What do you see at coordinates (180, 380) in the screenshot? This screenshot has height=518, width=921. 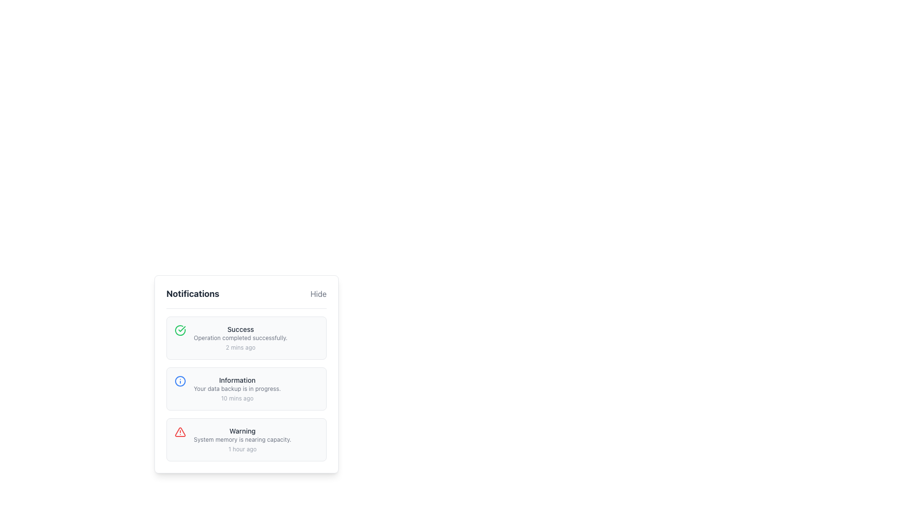 I see `the 'information' icon, which is a blue circular outline with an 'i' inside, located at the beginning of the second notification card for information about data backup` at bounding box center [180, 380].